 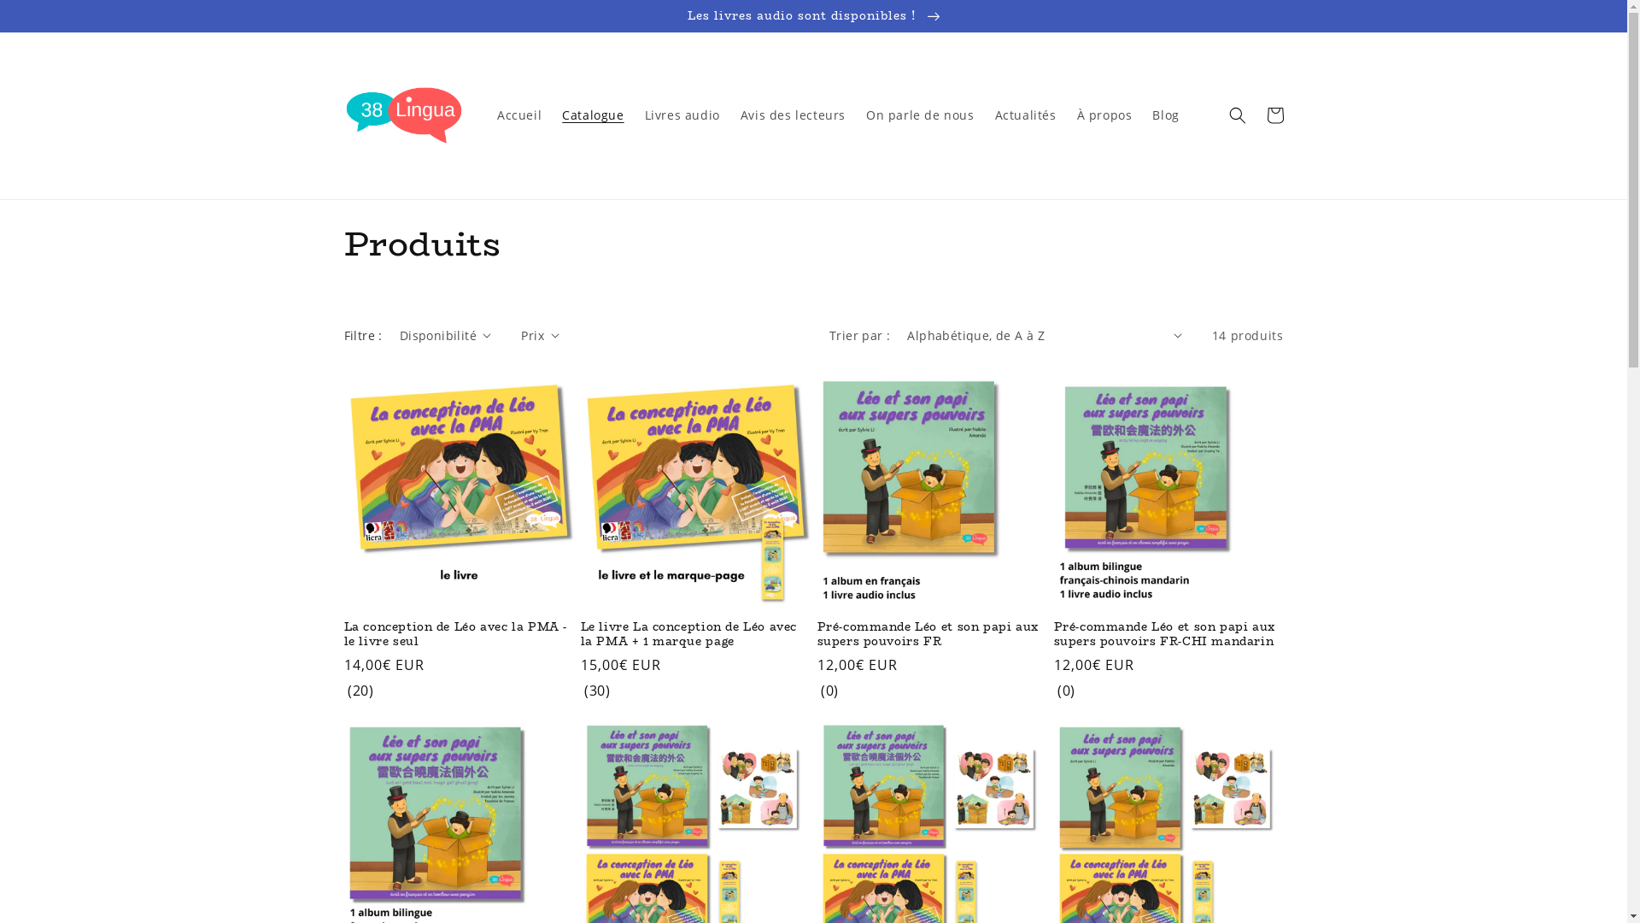 What do you see at coordinates (681, 115) in the screenshot?
I see `'Livres audio'` at bounding box center [681, 115].